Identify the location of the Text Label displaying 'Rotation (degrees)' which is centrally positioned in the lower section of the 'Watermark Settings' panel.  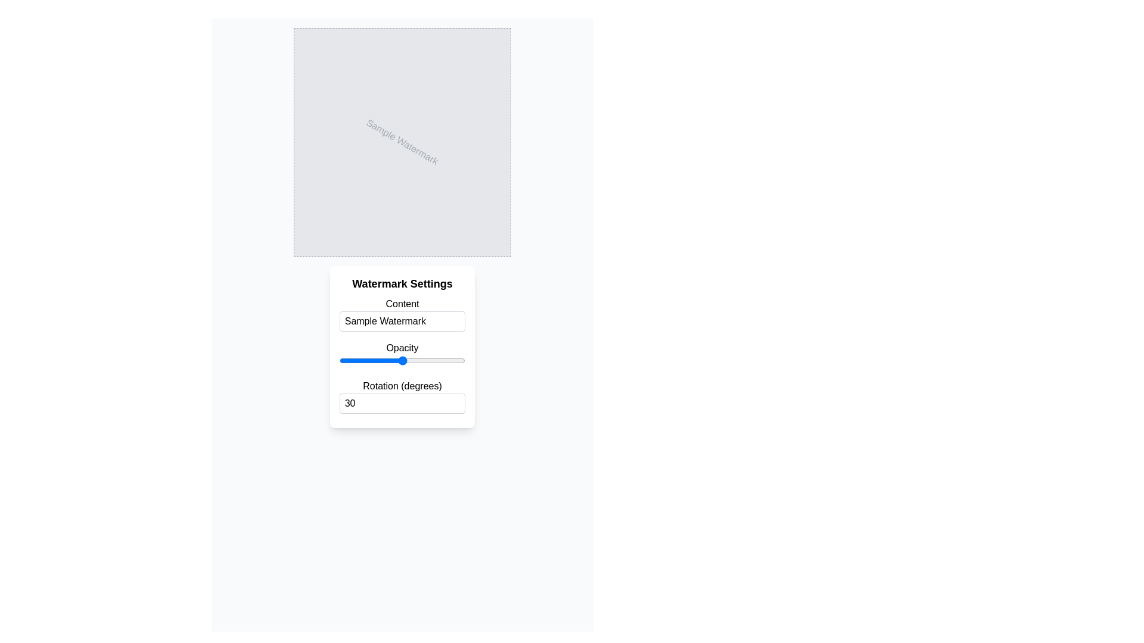
(402, 386).